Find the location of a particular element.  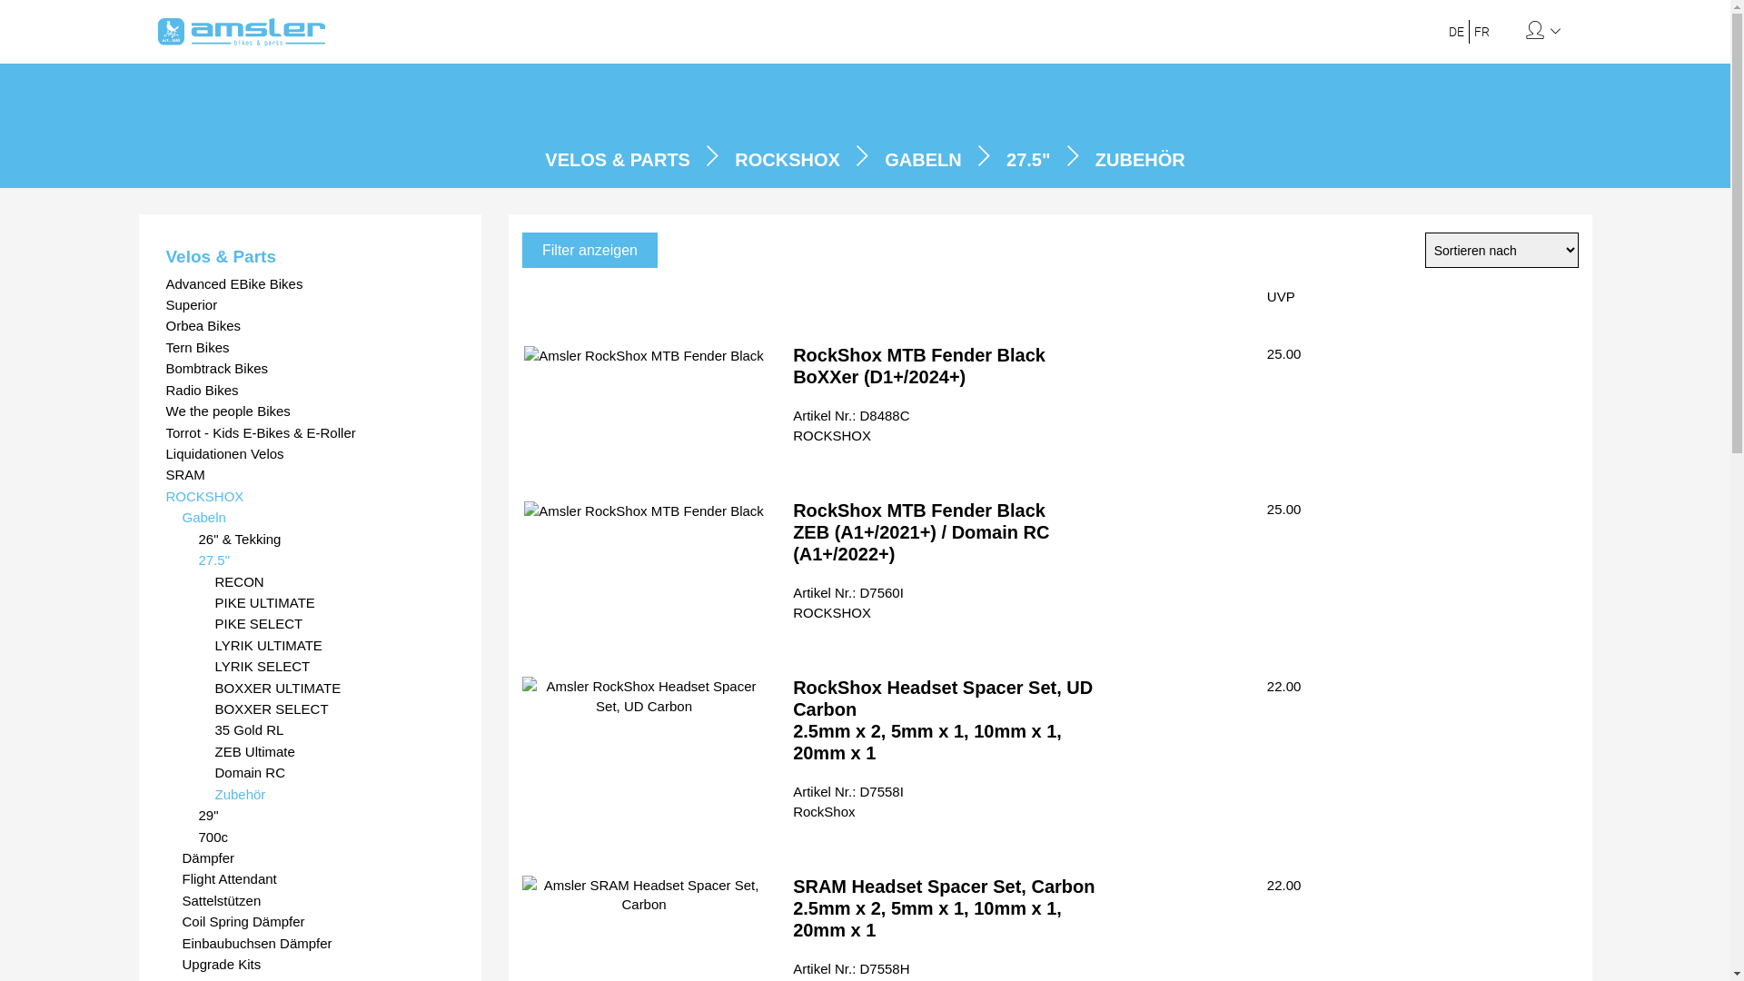

'35 Gold RL' is located at coordinates (213, 728).